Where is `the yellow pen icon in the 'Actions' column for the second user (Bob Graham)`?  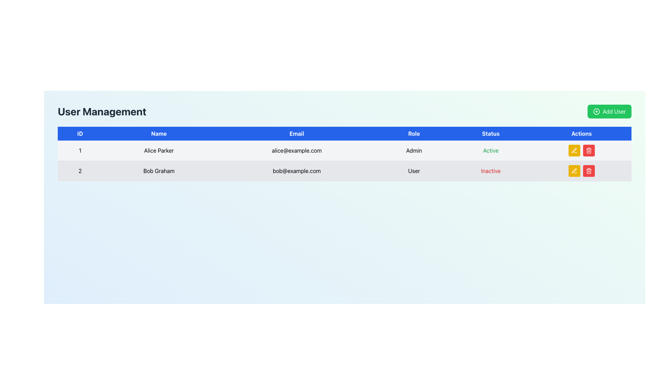
the yellow pen icon in the 'Actions' column for the second user (Bob Graham) is located at coordinates (574, 150).